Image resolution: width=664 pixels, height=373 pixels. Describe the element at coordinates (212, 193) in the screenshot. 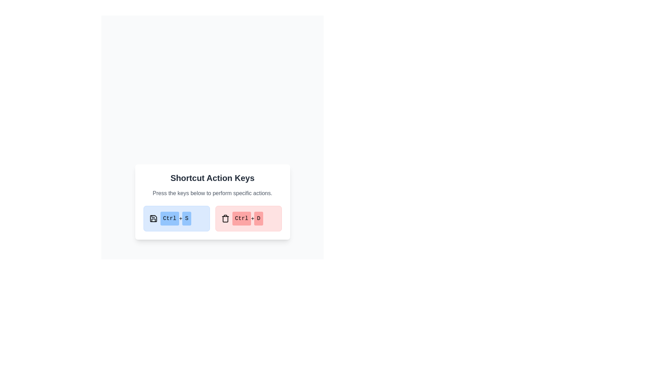

I see `the static text that reads 'Press the keys below to perform specific actions.' which is styled with a medium gray font color and is located below the title 'Shortcut Action Keys'` at that location.